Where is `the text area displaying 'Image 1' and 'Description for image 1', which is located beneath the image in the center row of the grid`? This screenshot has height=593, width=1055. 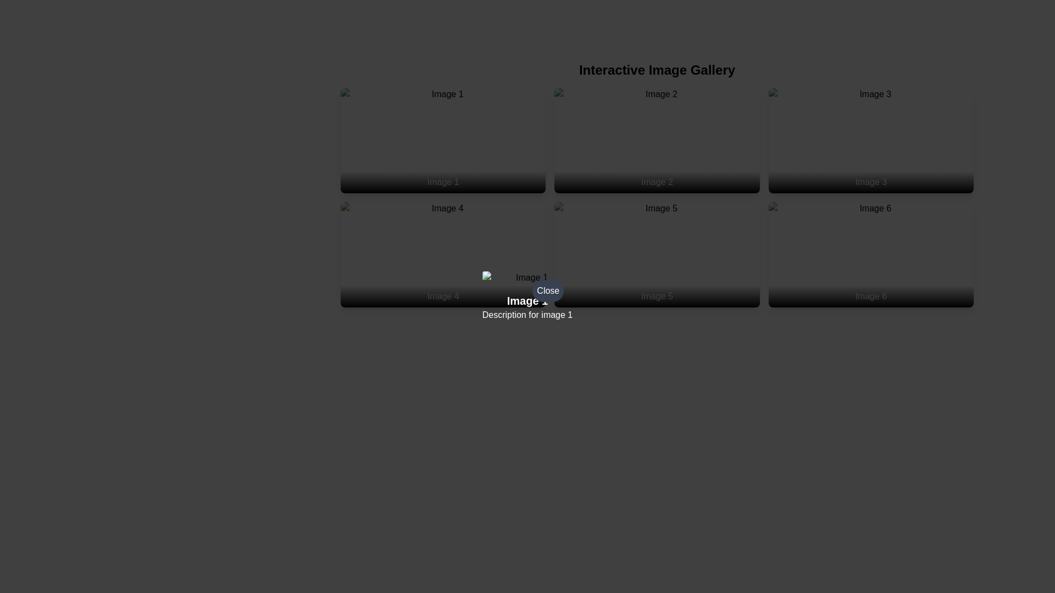 the text area displaying 'Image 1' and 'Description for image 1', which is located beneath the image in the center row of the grid is located at coordinates (527, 307).